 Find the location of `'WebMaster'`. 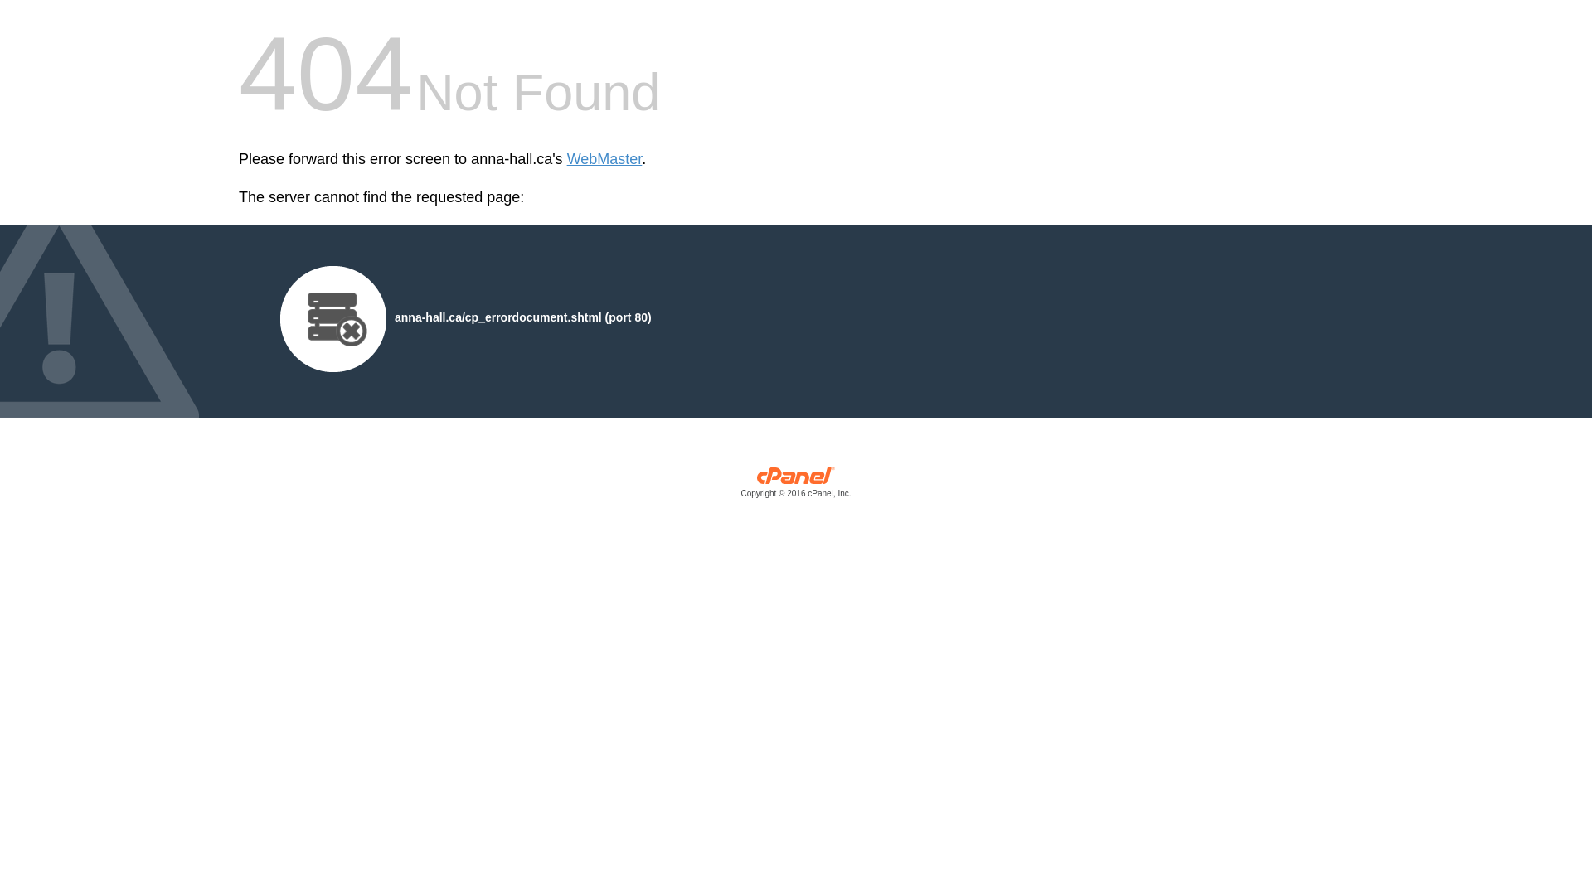

'WebMaster' is located at coordinates (604, 159).